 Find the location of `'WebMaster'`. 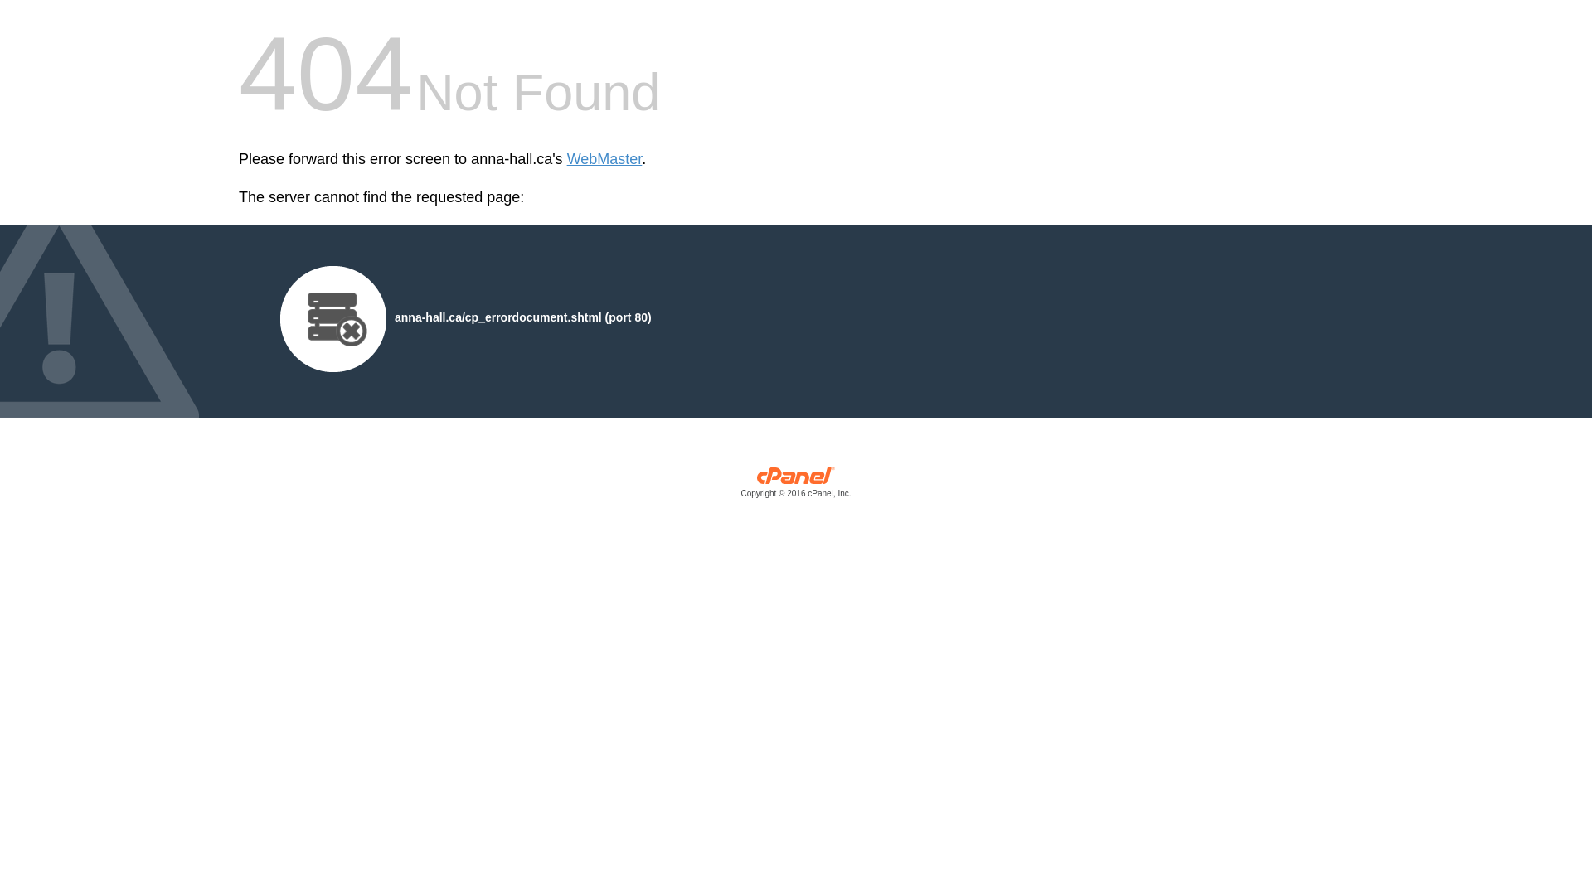

'WebMaster' is located at coordinates (604, 159).